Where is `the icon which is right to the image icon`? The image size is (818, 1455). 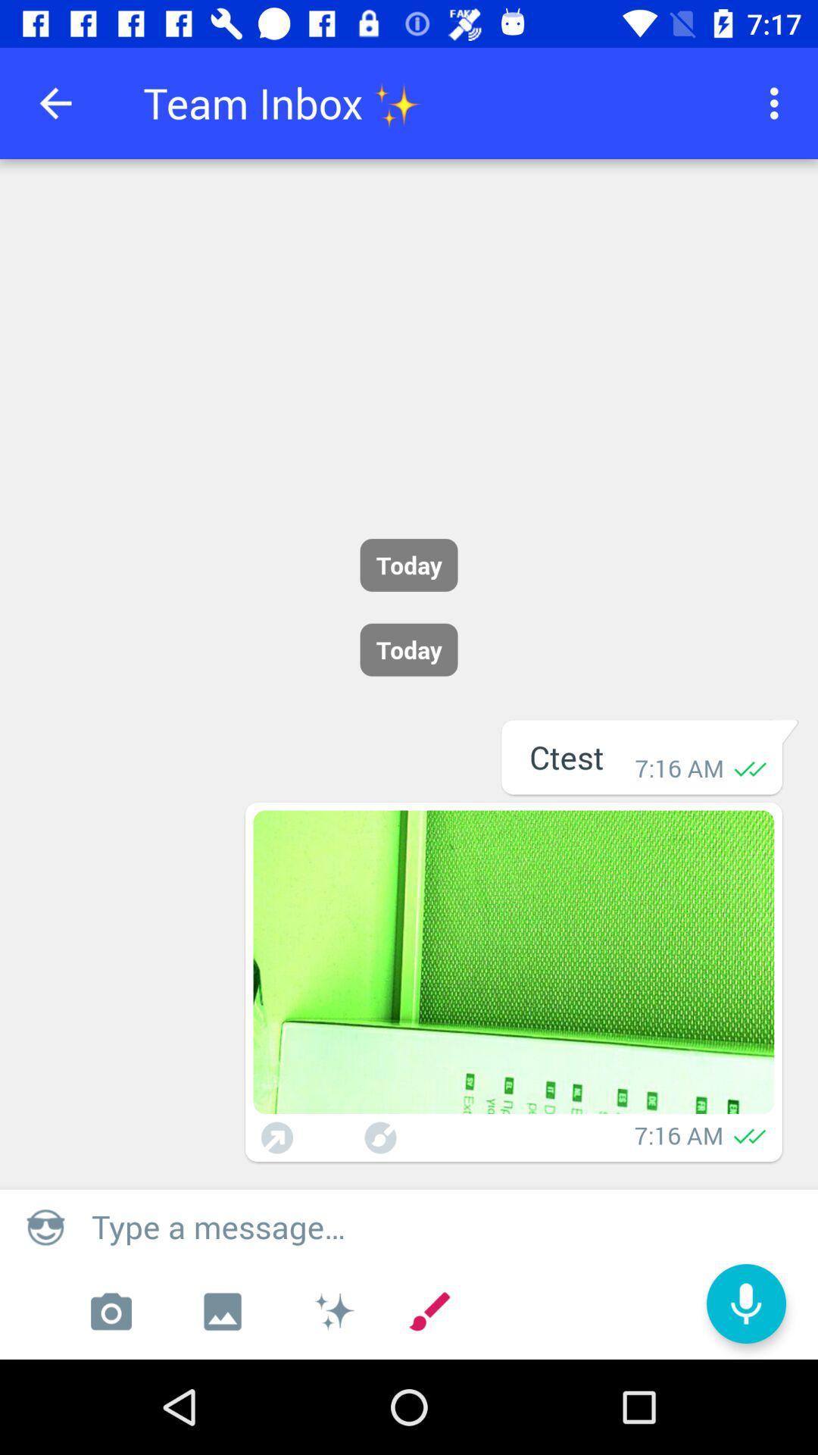 the icon which is right to the image icon is located at coordinates (333, 1311).